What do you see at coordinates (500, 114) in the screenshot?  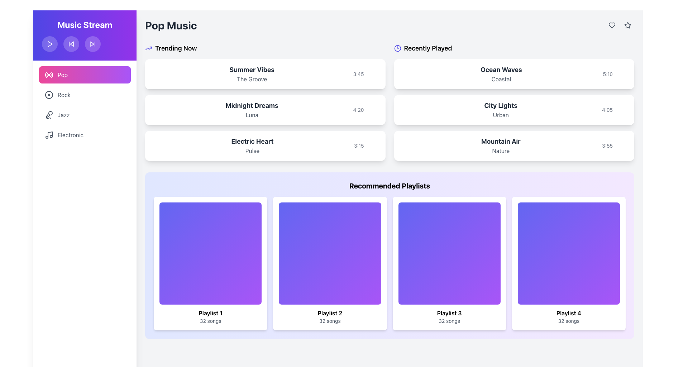 I see `the text label displaying 'Urban', which is located below 'City Lights' in the 'Recently Played' section, specifically in the third card from the top in the right column` at bounding box center [500, 114].